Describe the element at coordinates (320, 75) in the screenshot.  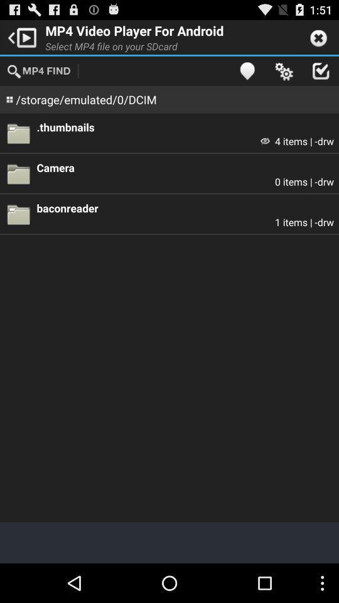
I see `the check icon` at that location.